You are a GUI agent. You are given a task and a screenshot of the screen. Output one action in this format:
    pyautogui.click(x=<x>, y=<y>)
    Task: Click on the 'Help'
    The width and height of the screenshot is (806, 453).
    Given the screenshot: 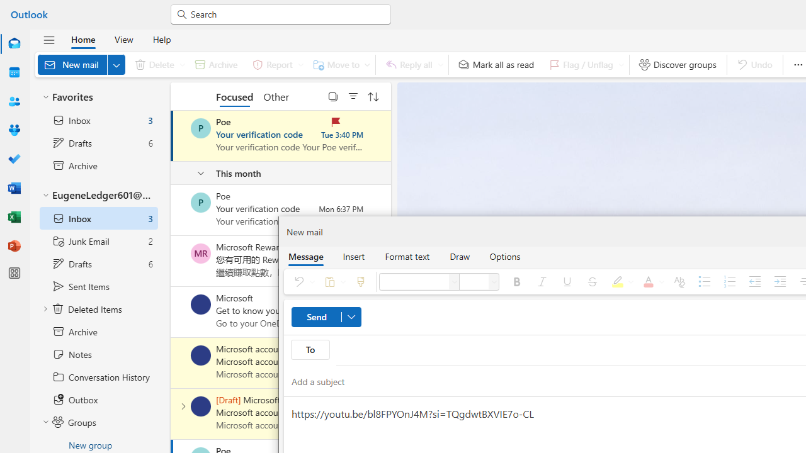 What is the action you would take?
    pyautogui.click(x=161, y=38)
    